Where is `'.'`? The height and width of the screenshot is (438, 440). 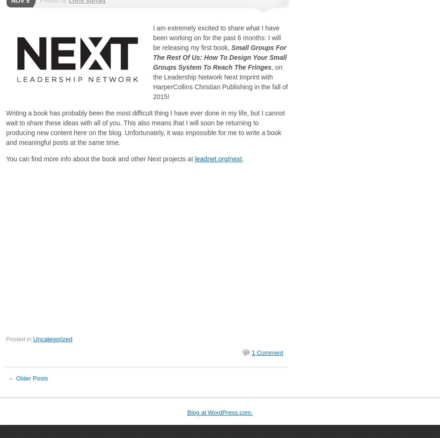
'.' is located at coordinates (241, 159).